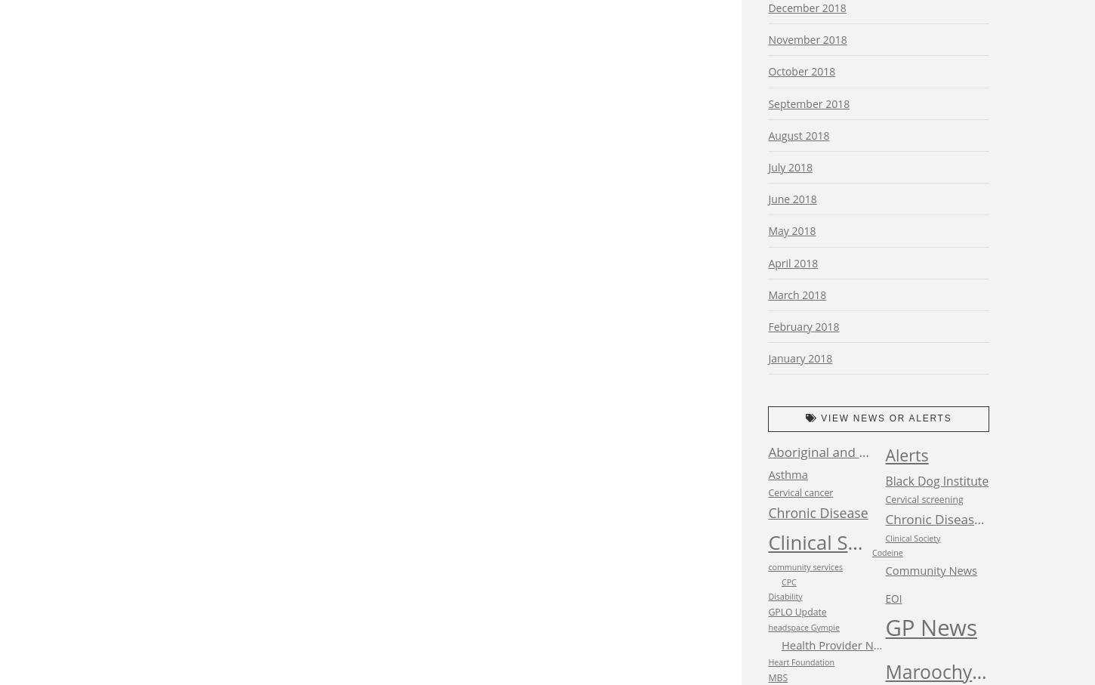 The height and width of the screenshot is (685, 1095). What do you see at coordinates (800, 492) in the screenshot?
I see `'Cervical cancer'` at bounding box center [800, 492].